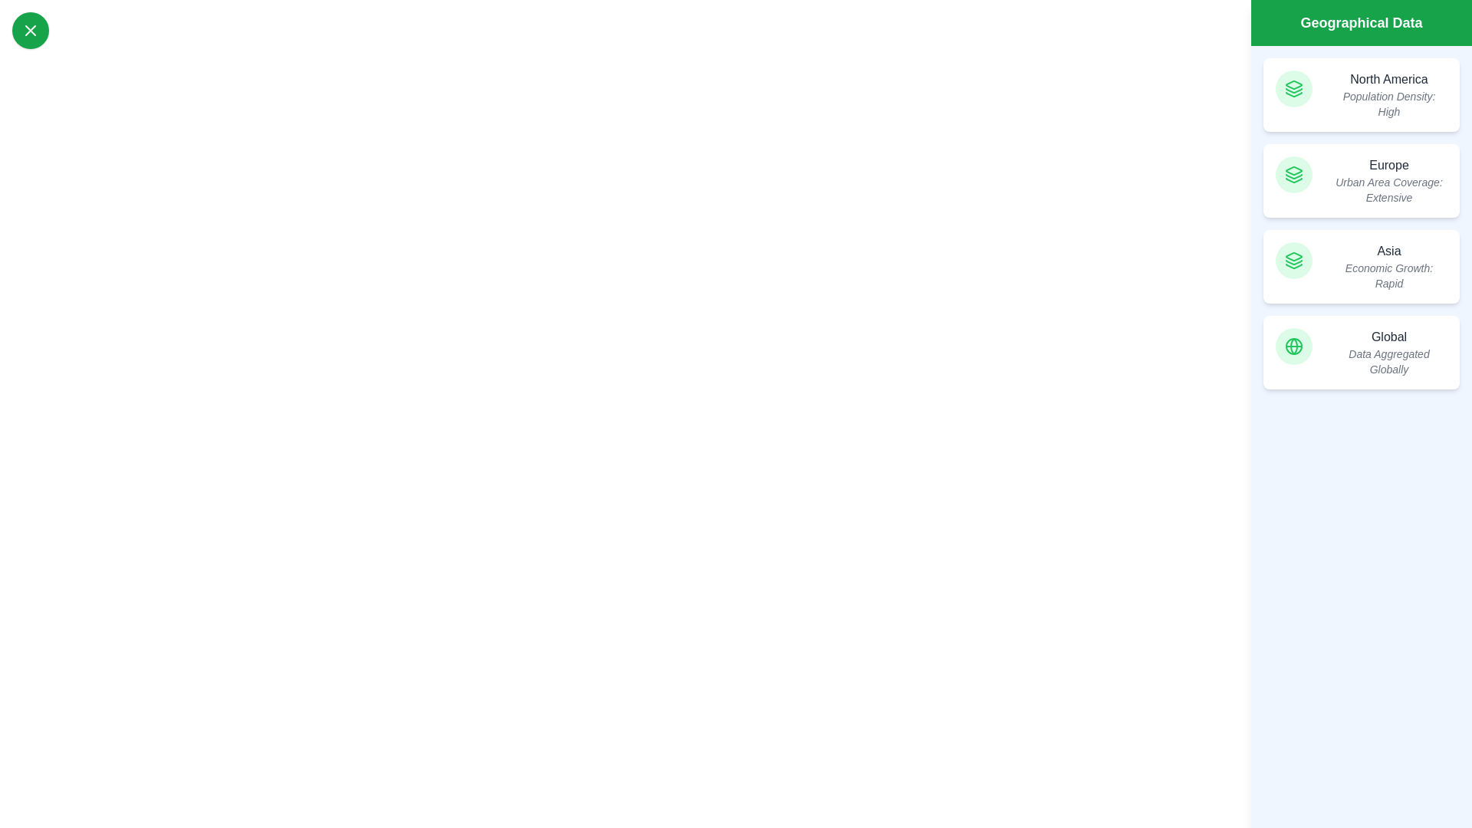  I want to click on the region North America to view its details, so click(1362, 94).